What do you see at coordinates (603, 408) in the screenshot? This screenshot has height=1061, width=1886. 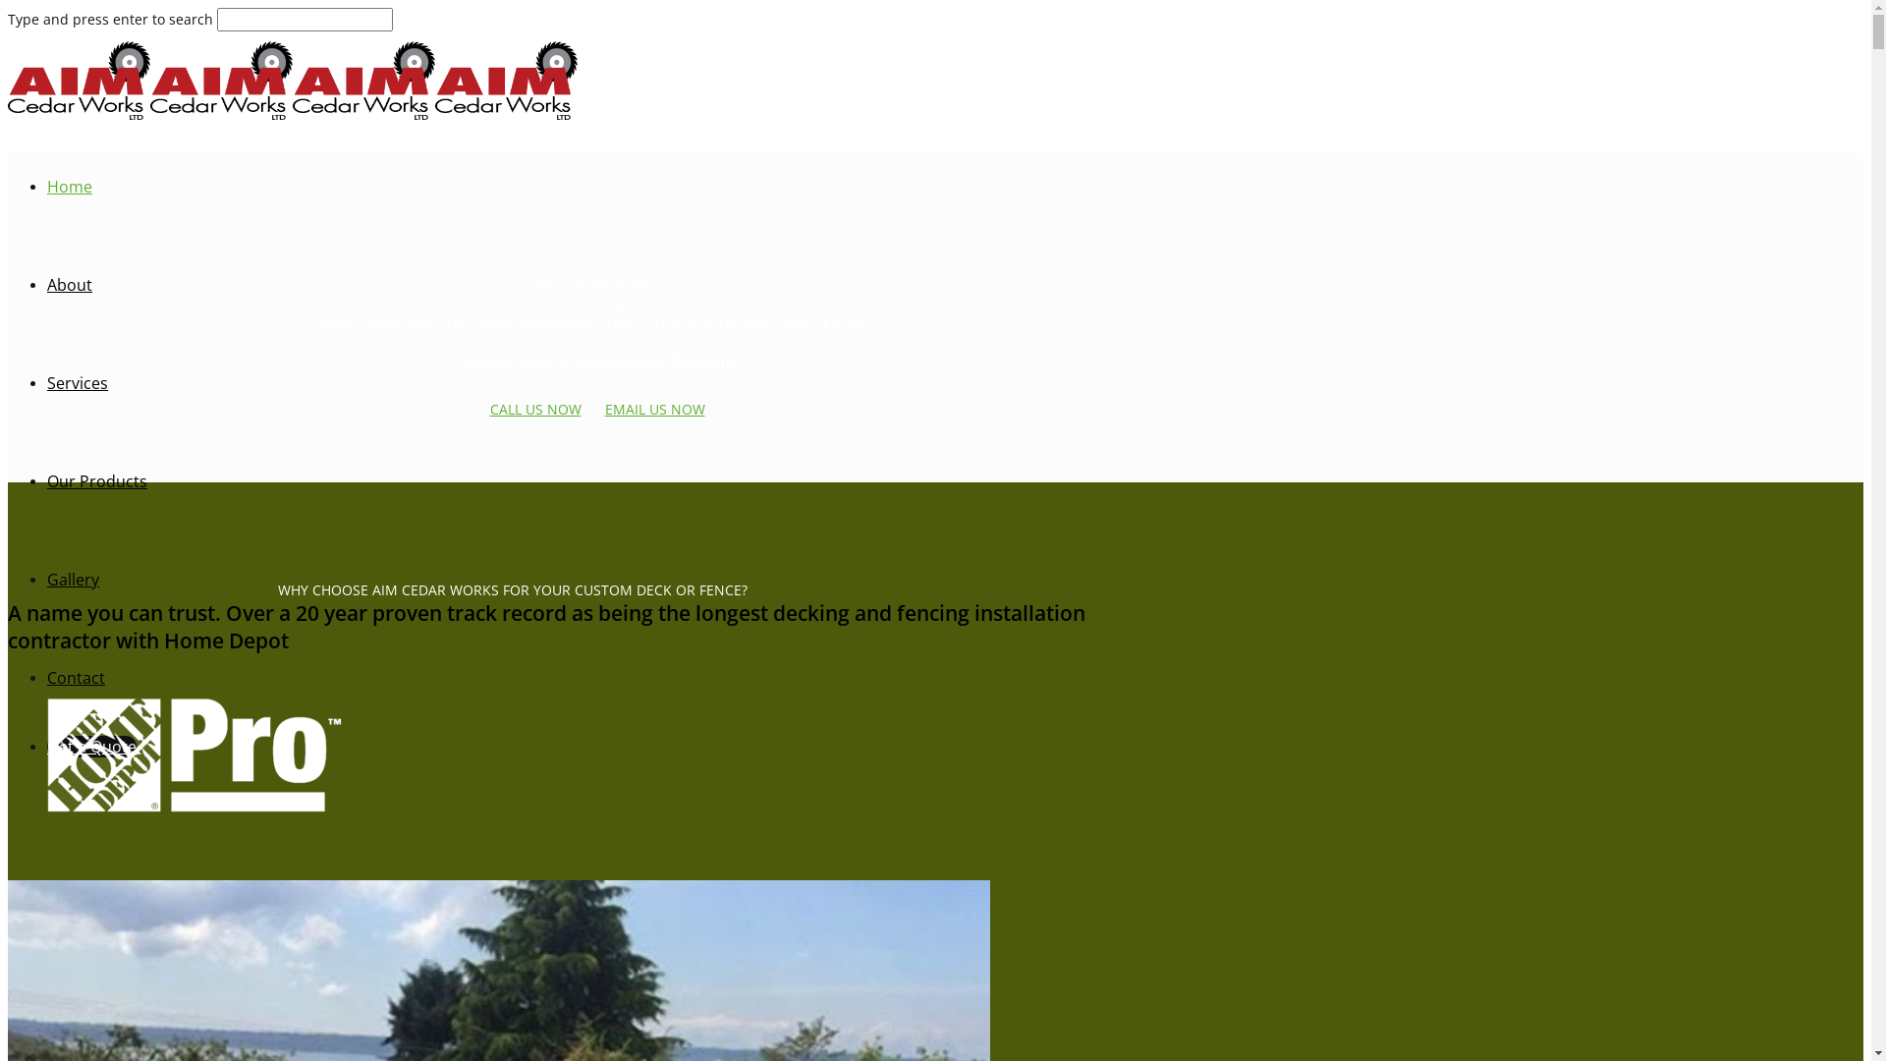 I see `'EMAIL US NOW'` at bounding box center [603, 408].